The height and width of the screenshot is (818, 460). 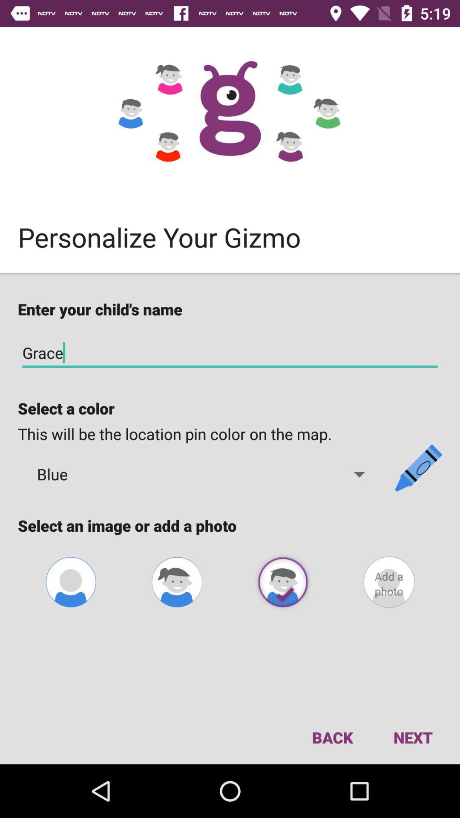 What do you see at coordinates (389, 582) in the screenshot?
I see `a photo` at bounding box center [389, 582].